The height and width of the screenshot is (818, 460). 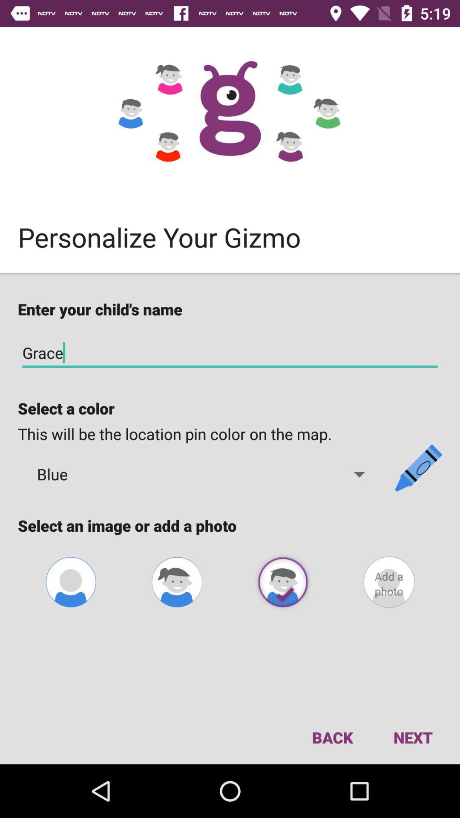 What do you see at coordinates (389, 582) in the screenshot?
I see `a photo` at bounding box center [389, 582].